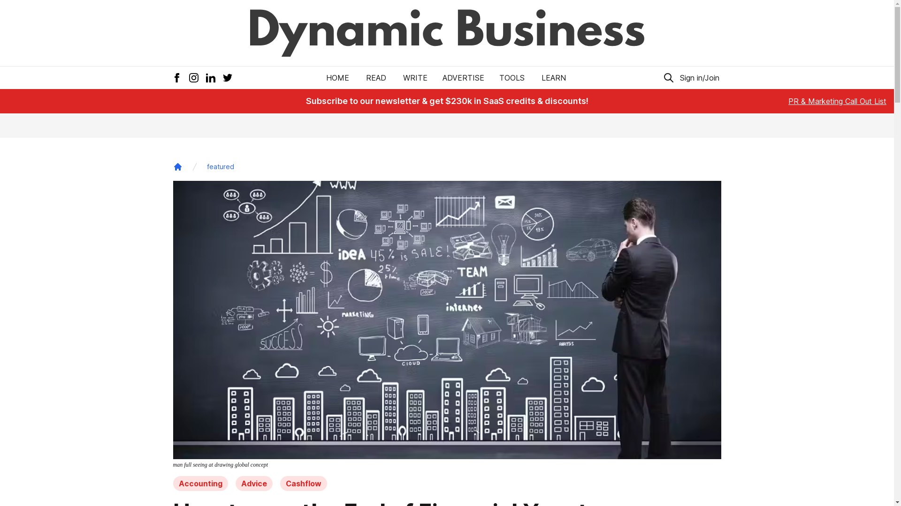 Image resolution: width=901 pixels, height=506 pixels. Describe the element at coordinates (199, 484) in the screenshot. I see `'Accounting'` at that location.